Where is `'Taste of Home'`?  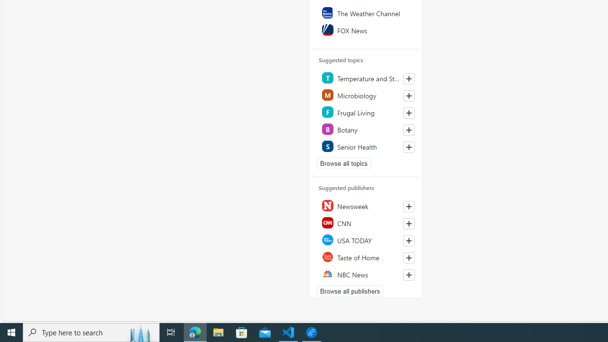
'Taste of Home' is located at coordinates (366, 257).